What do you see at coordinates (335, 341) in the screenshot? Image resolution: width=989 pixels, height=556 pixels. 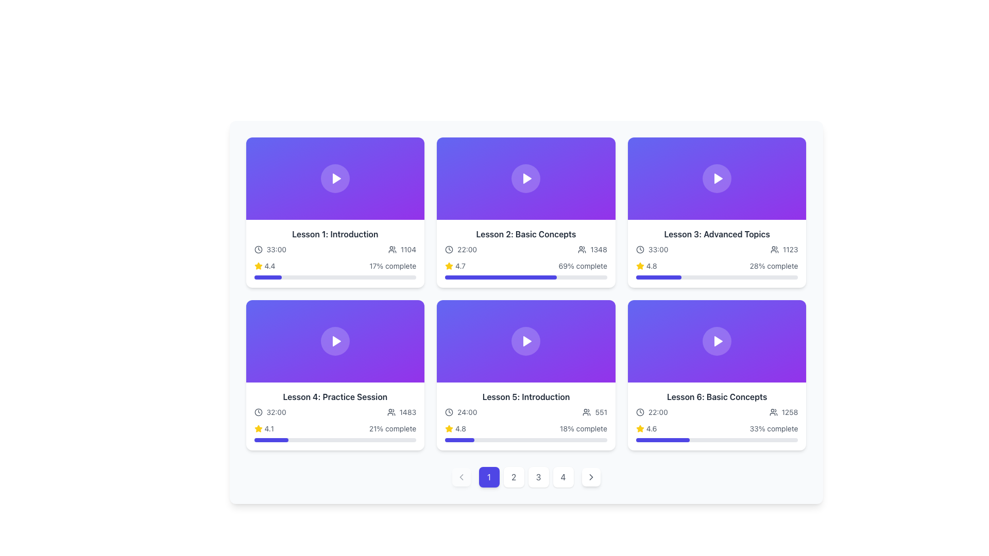 I see `the play button located centrally within the preview area of the card labeled 'Lesson 4: Practice Session' to initiate playback of the associated content` at bounding box center [335, 341].